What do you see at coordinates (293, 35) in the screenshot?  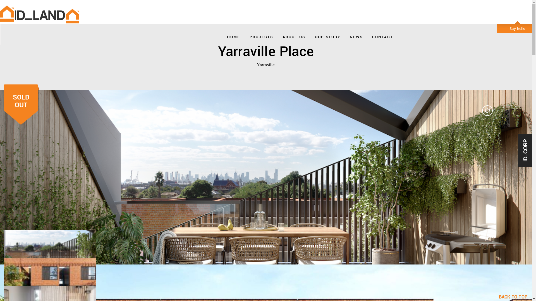 I see `'ABOUT US'` at bounding box center [293, 35].